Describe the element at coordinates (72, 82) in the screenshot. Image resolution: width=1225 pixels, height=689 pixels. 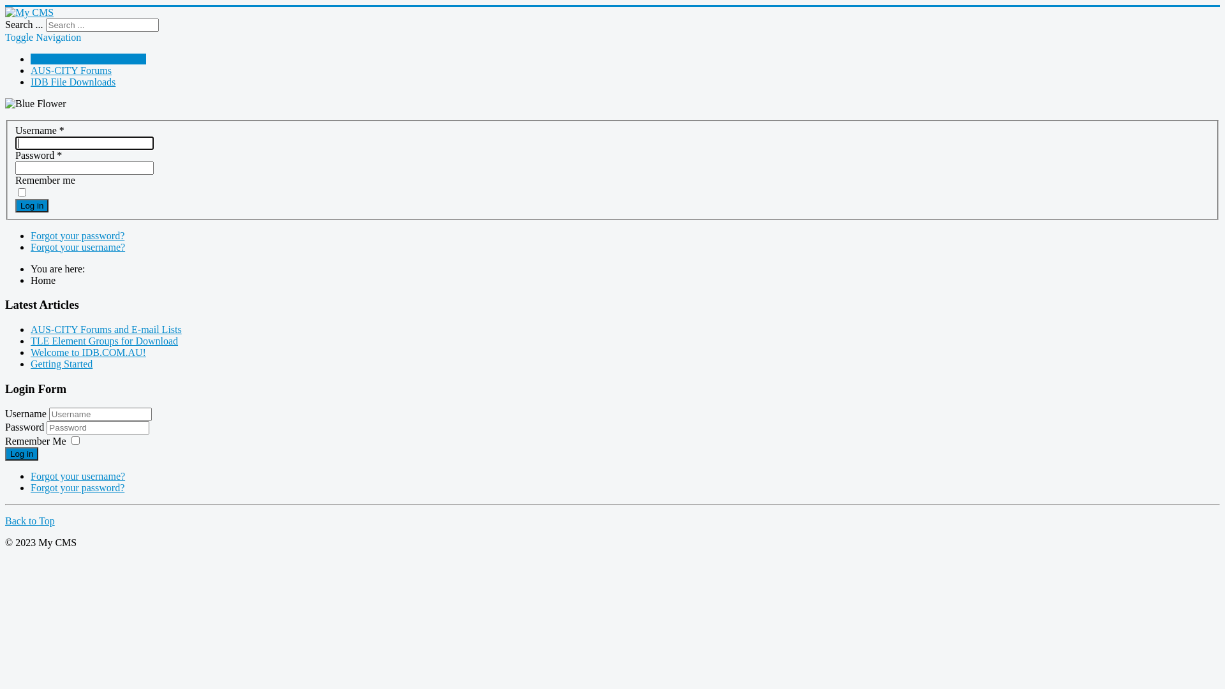
I see `'IDB File Downloads'` at that location.